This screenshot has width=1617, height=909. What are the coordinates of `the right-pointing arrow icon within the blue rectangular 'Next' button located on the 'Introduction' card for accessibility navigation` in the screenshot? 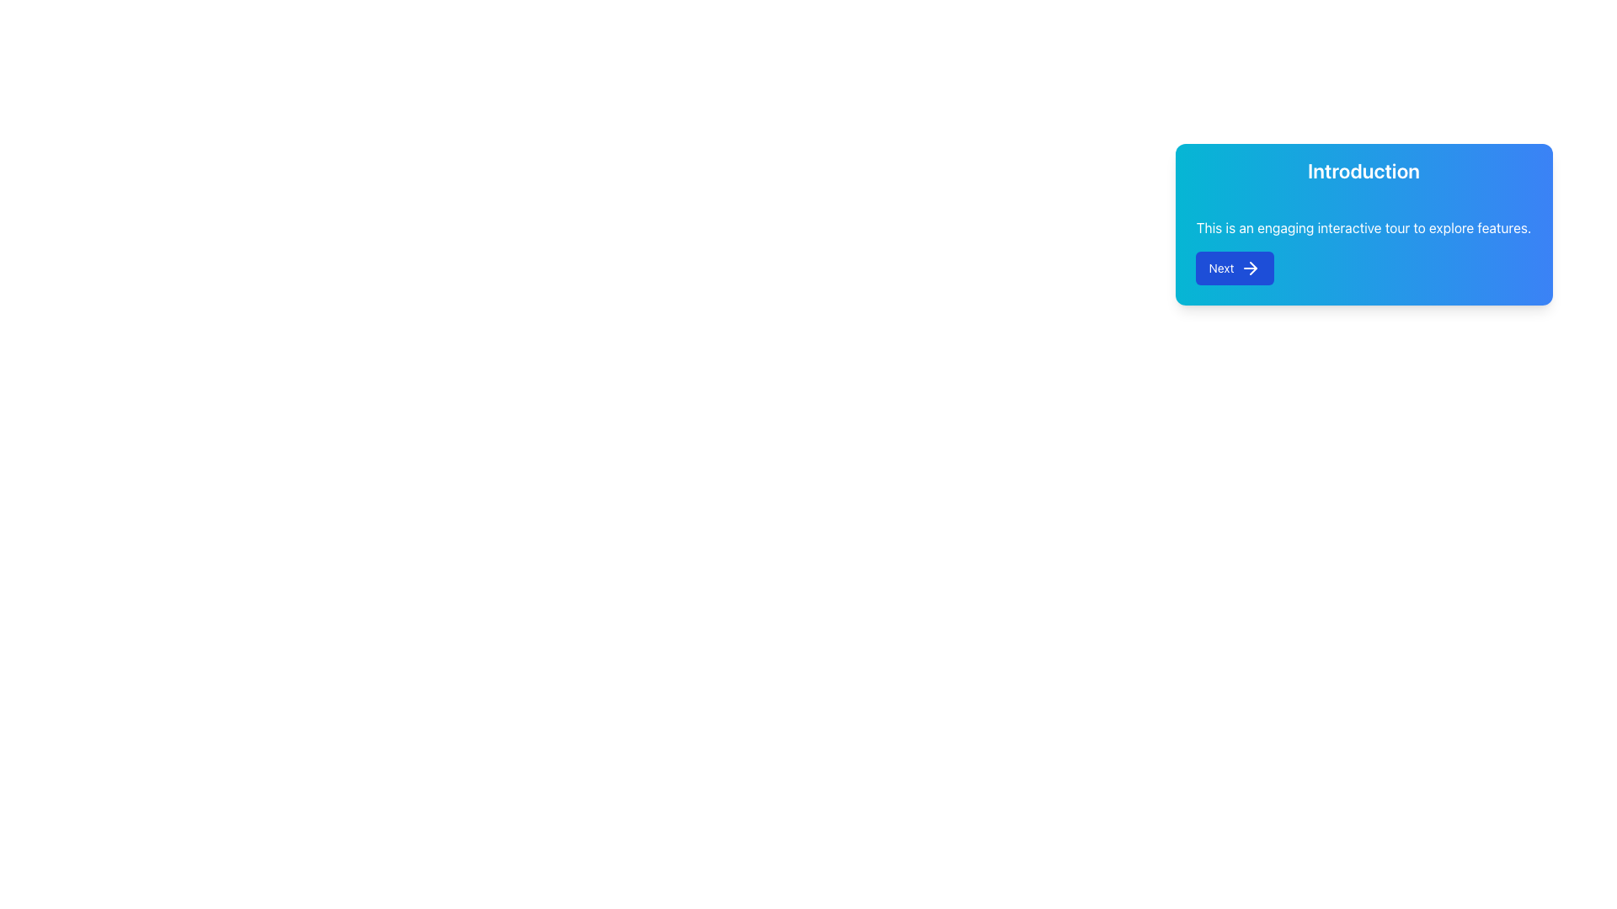 It's located at (1251, 268).